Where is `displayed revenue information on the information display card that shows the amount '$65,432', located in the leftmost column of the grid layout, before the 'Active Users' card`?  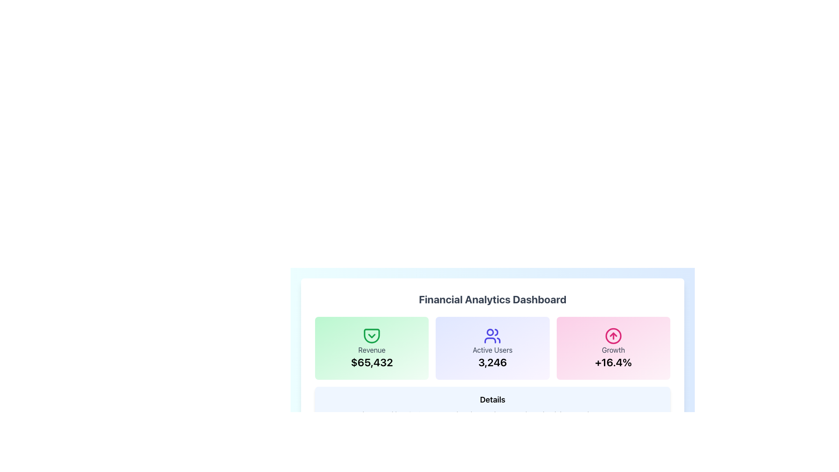 displayed revenue information on the information display card that shows the amount '$65,432', located in the leftmost column of the grid layout, before the 'Active Users' card is located at coordinates (372, 348).